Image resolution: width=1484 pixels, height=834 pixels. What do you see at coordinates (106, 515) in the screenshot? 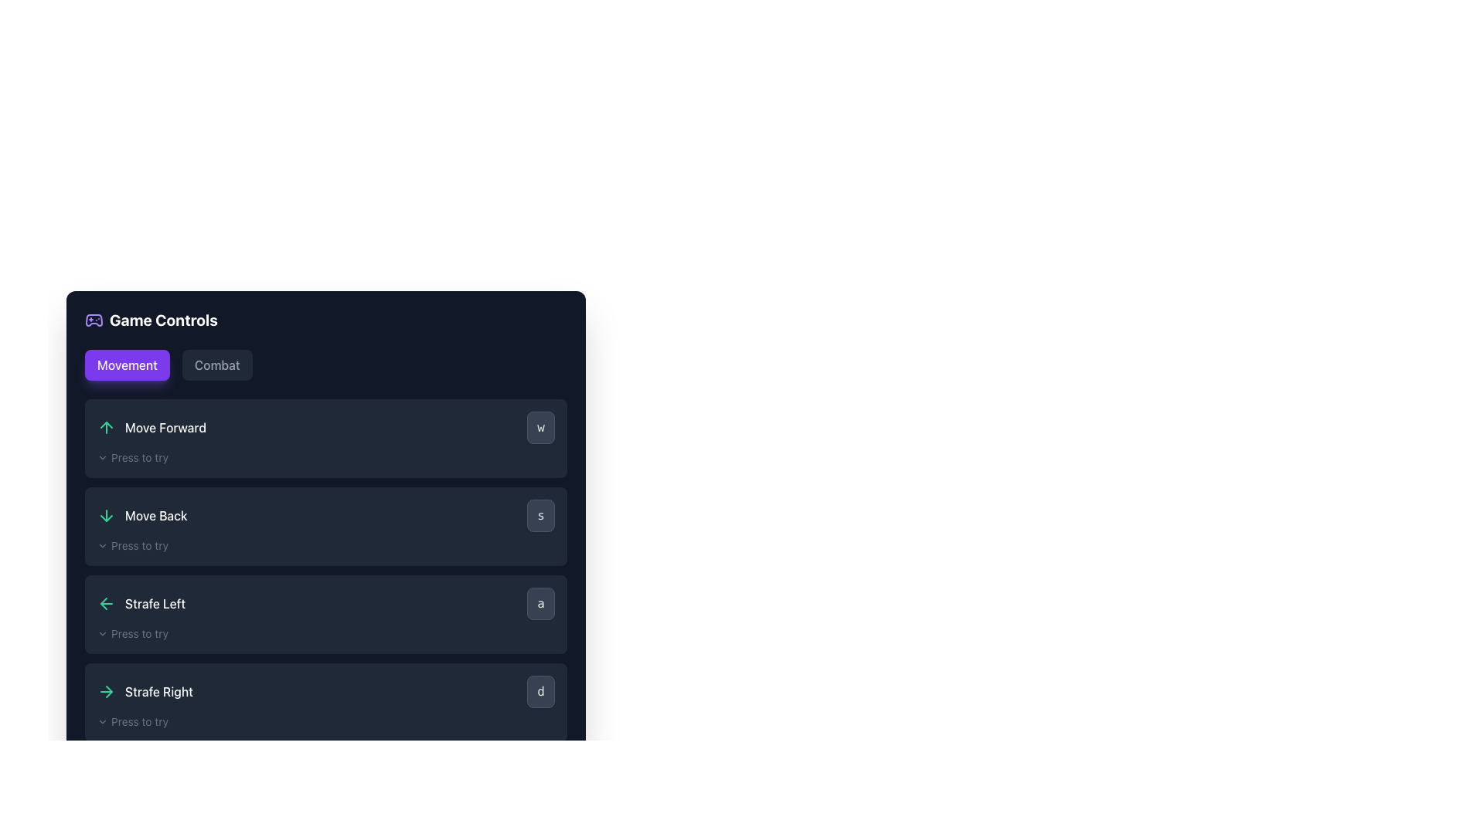
I see `the downward-pointing green arrow icon located next to the 'Move Back' label in the vertical list of controls` at bounding box center [106, 515].